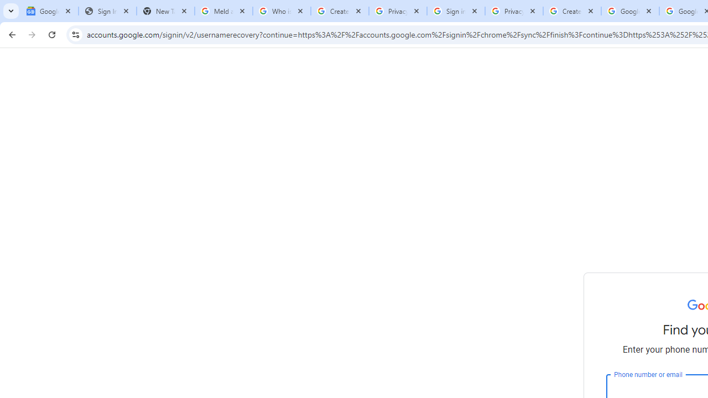  Describe the element at coordinates (107, 11) in the screenshot. I see `'Sign In - USA TODAY'` at that location.